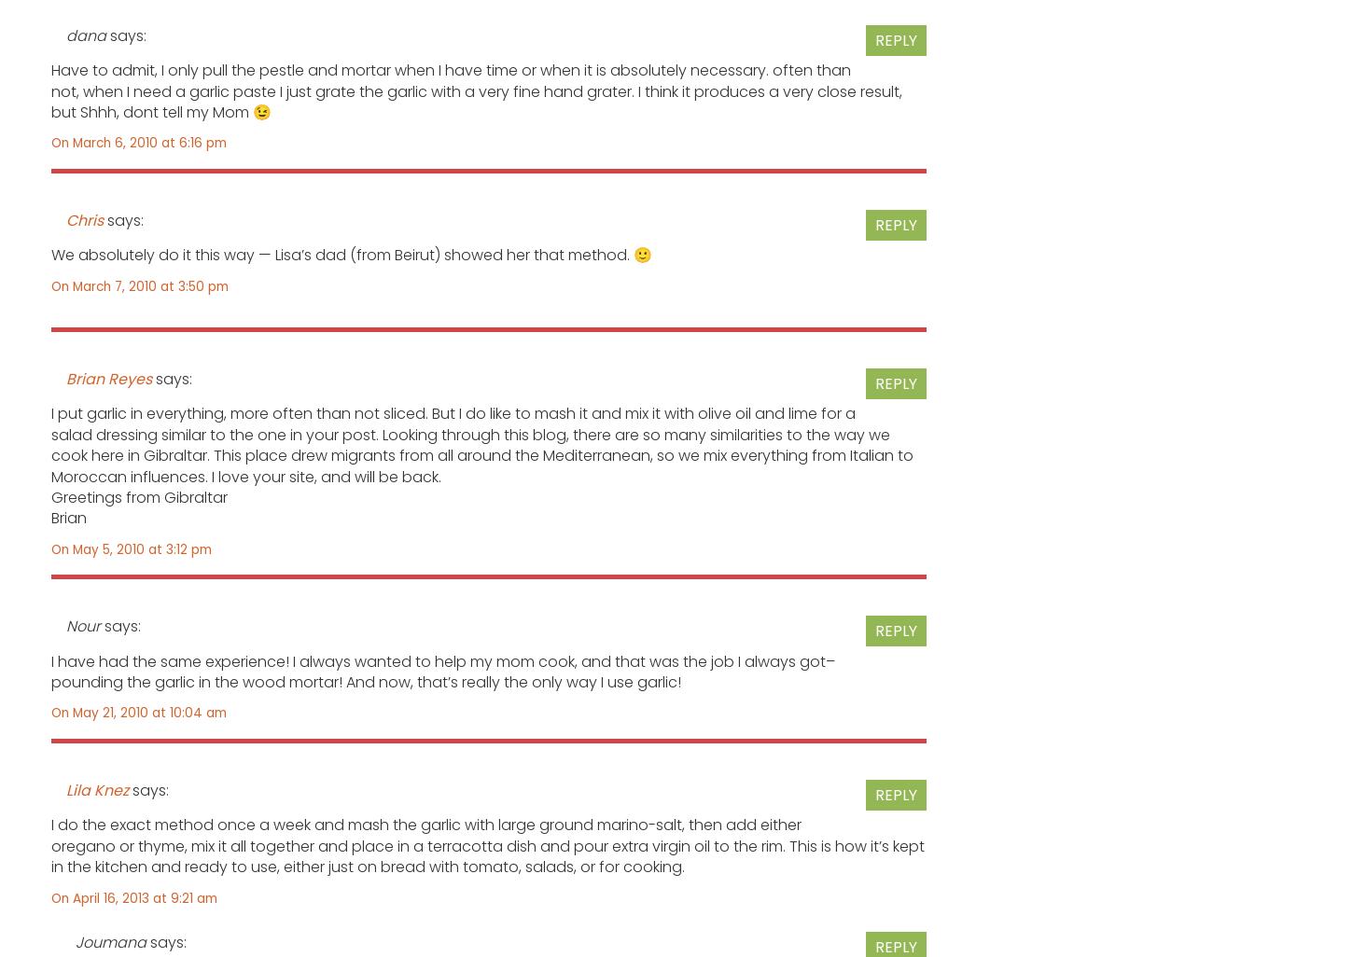 The image size is (1353, 957). I want to click on 'Nour', so click(83, 625).